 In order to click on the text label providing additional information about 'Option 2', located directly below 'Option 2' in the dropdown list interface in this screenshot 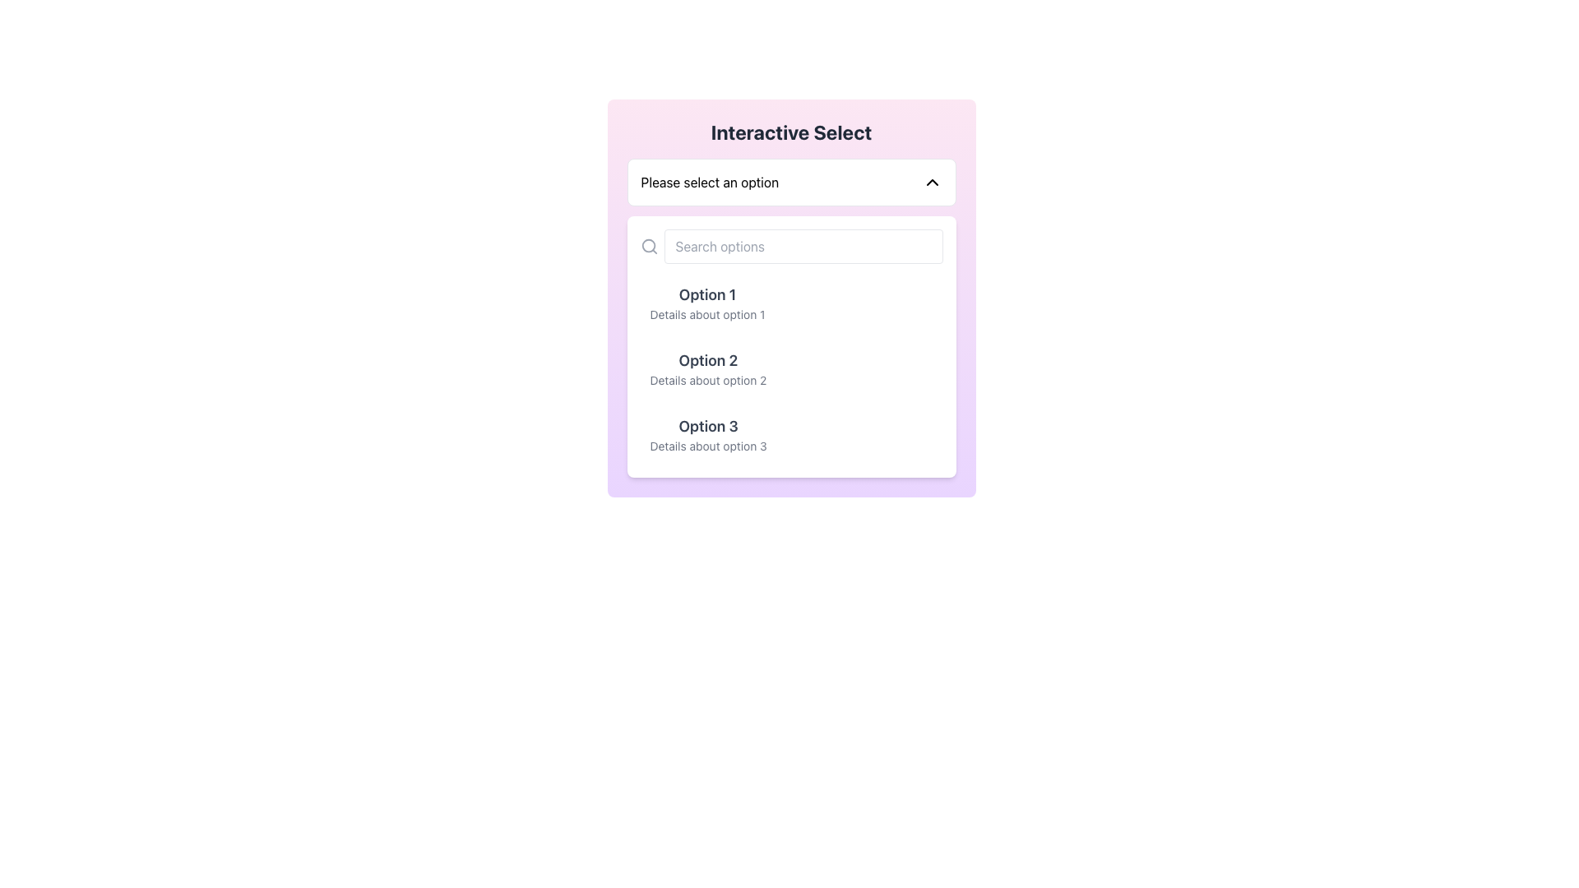, I will do `click(708, 380)`.